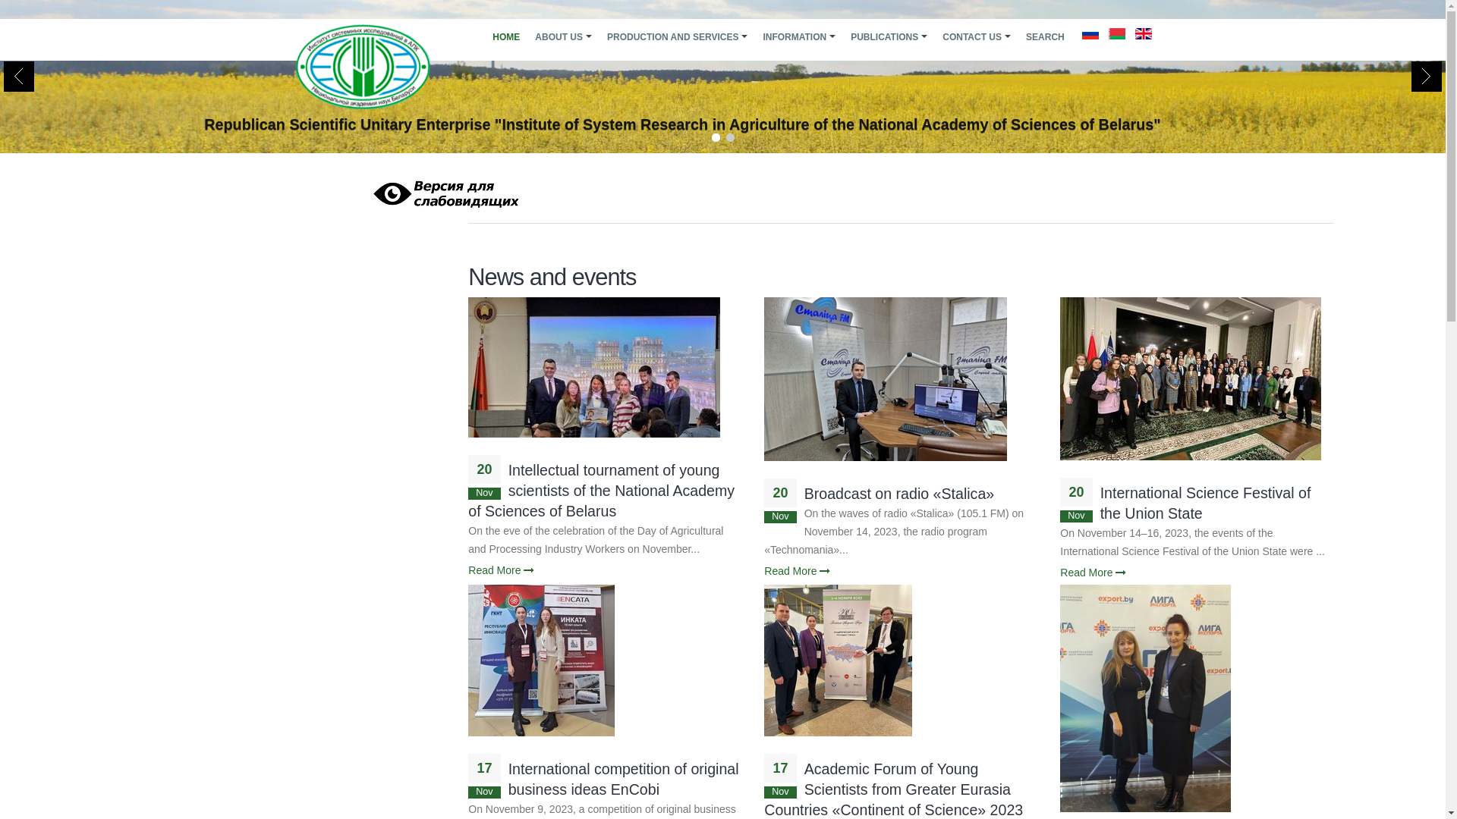 The image size is (1457, 819). Describe the element at coordinates (798, 36) in the screenshot. I see `'INFORMATION'` at that location.